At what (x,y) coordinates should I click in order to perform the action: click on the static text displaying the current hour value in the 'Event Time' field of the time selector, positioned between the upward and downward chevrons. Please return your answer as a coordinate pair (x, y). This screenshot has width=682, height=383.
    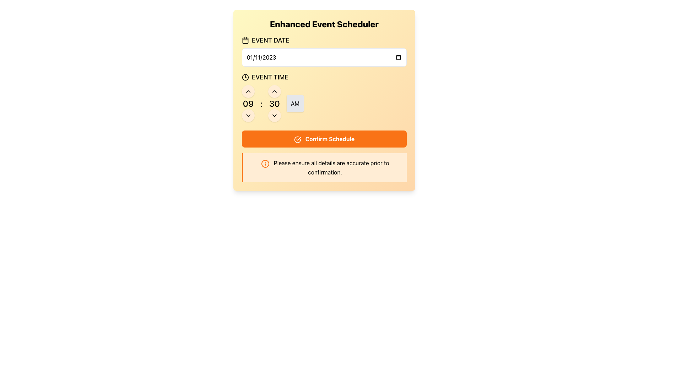
    Looking at the image, I should click on (248, 104).